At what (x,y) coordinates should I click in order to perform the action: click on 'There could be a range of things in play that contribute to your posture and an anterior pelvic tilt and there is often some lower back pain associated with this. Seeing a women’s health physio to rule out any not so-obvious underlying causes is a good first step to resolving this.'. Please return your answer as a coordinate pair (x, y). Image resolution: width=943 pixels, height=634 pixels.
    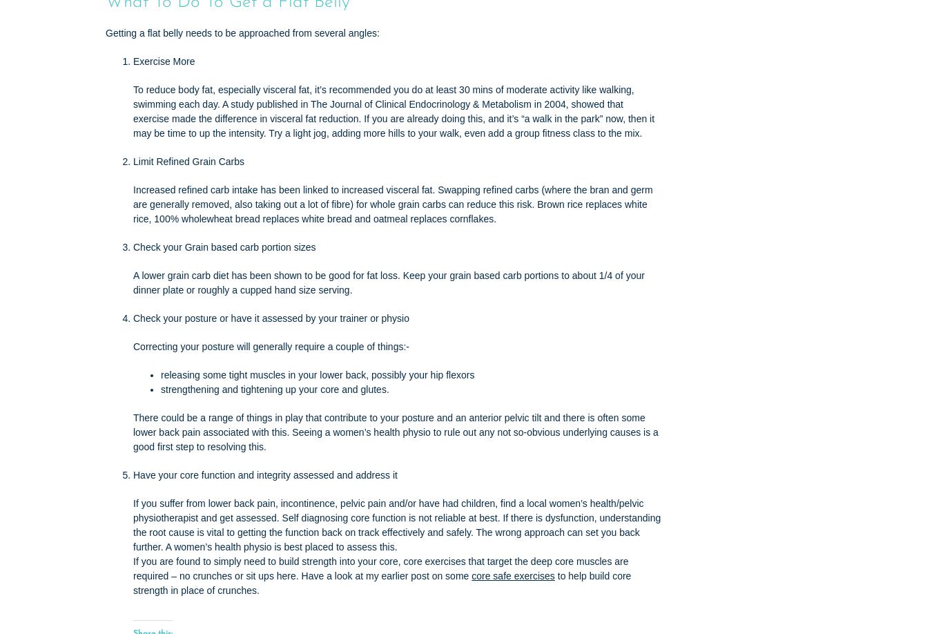
    Looking at the image, I should click on (395, 432).